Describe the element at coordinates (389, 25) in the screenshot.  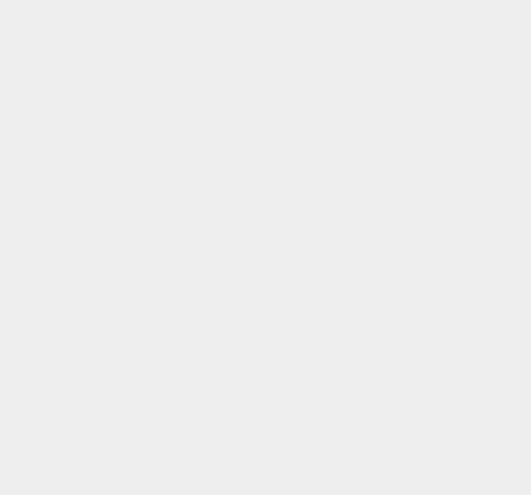
I see `'iPod Apps'` at that location.